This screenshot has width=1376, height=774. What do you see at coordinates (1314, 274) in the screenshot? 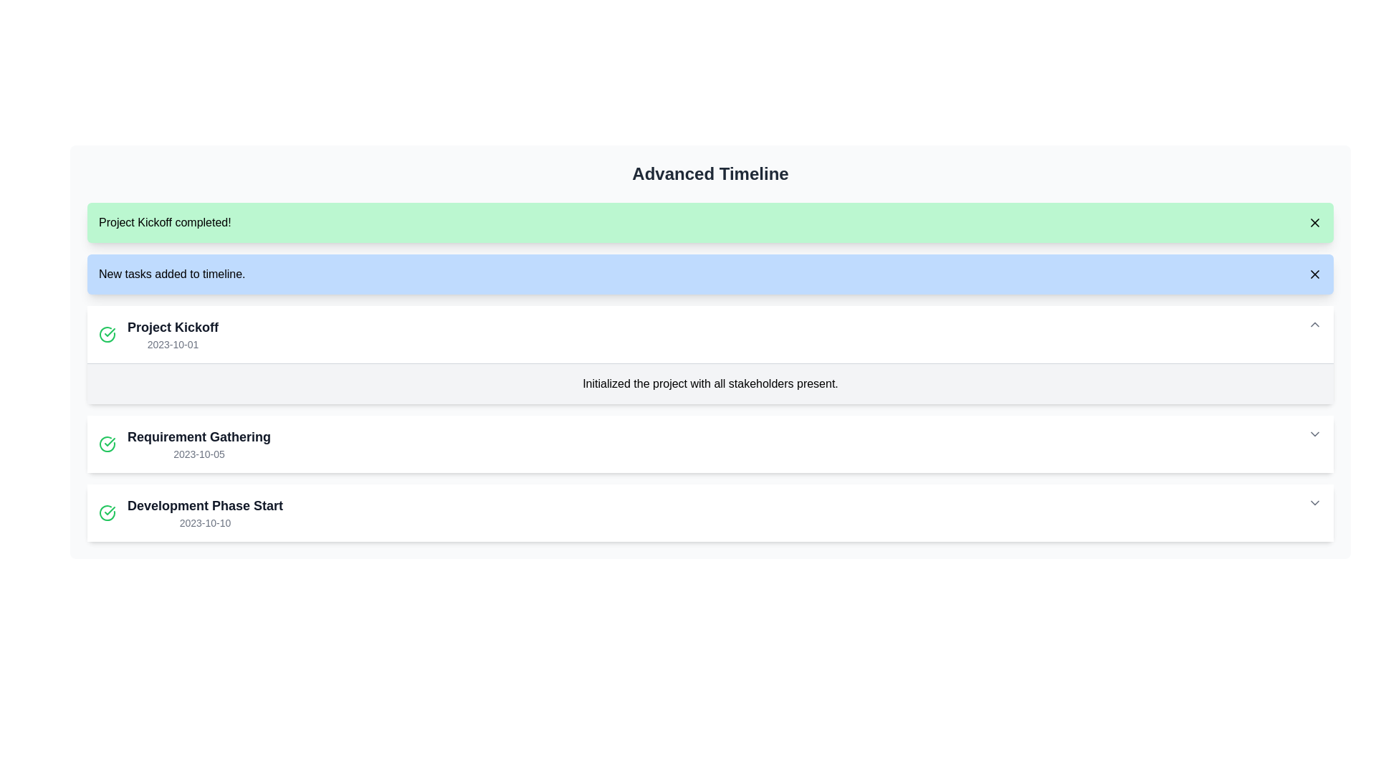
I see `the 'X' button in the top-right corner of the notification box labeled 'New tasks added to timeline.'` at bounding box center [1314, 274].